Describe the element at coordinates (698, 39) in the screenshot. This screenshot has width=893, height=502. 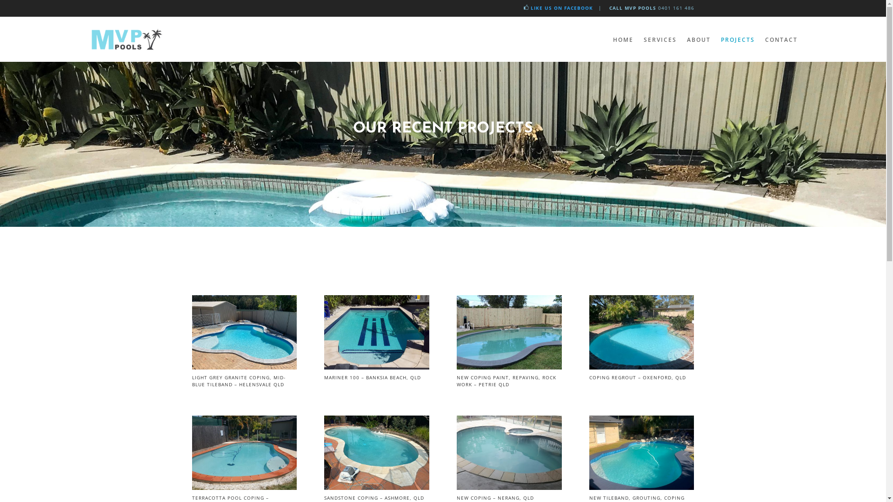
I see `'ABOUT'` at that location.